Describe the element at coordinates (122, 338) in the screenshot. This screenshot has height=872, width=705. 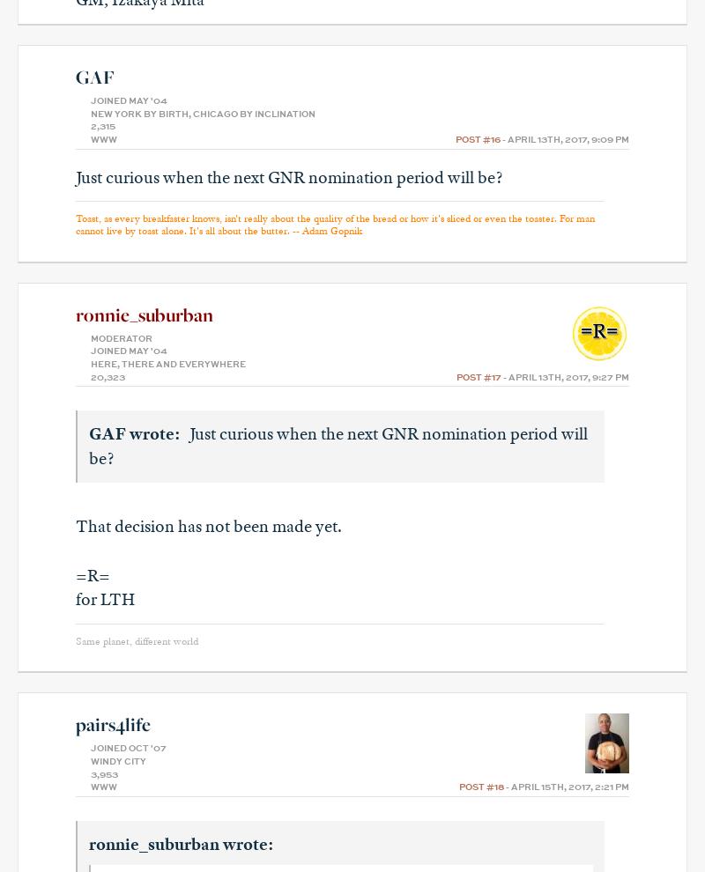
I see `'Moderator'` at that location.